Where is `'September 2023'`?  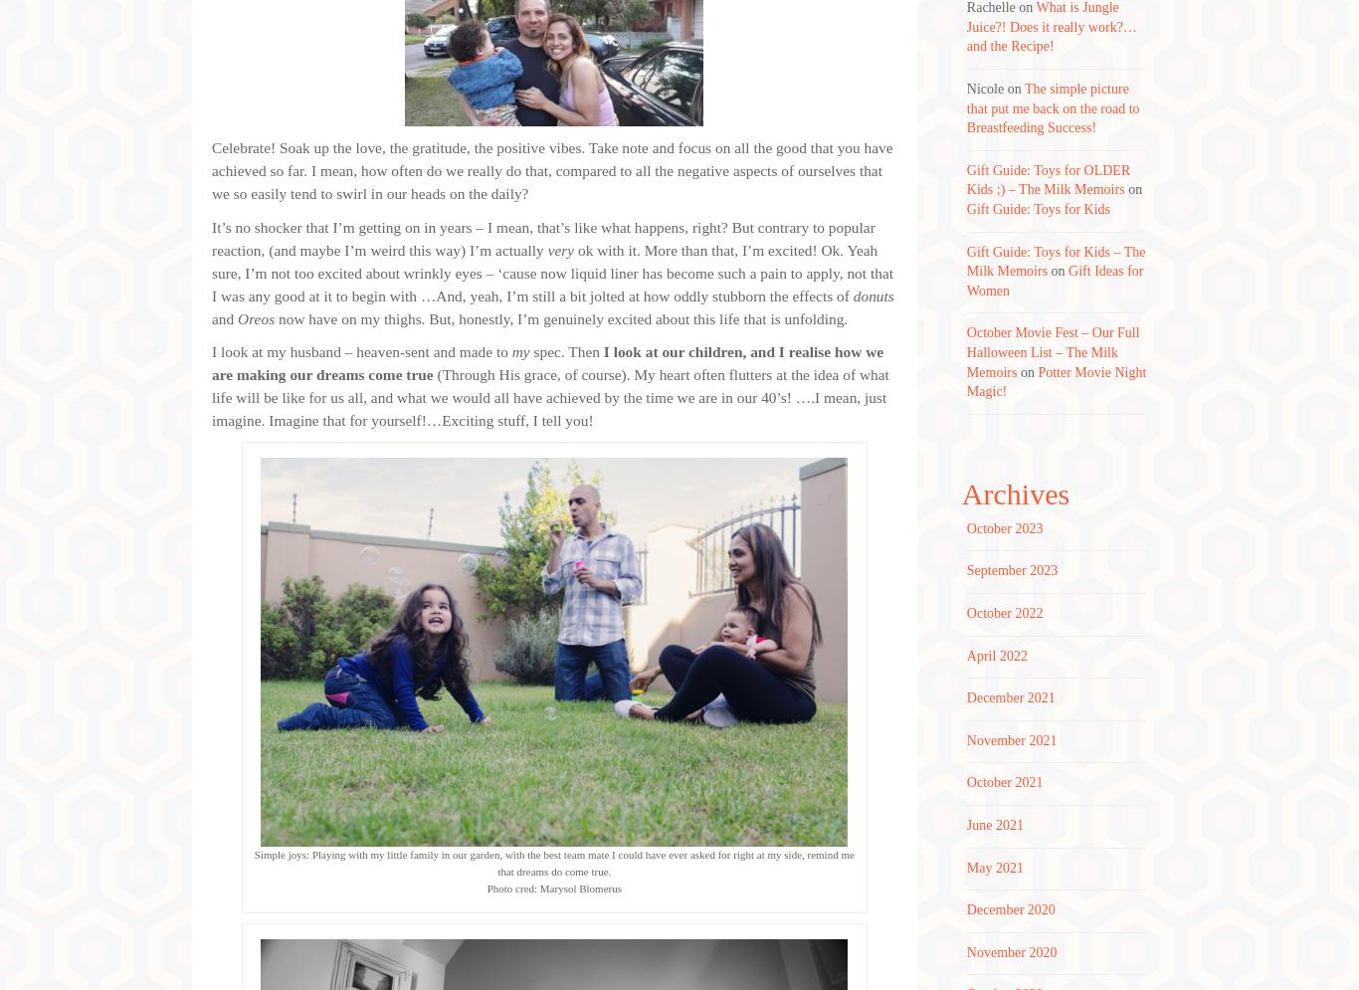
'September 2023' is located at coordinates (1011, 570).